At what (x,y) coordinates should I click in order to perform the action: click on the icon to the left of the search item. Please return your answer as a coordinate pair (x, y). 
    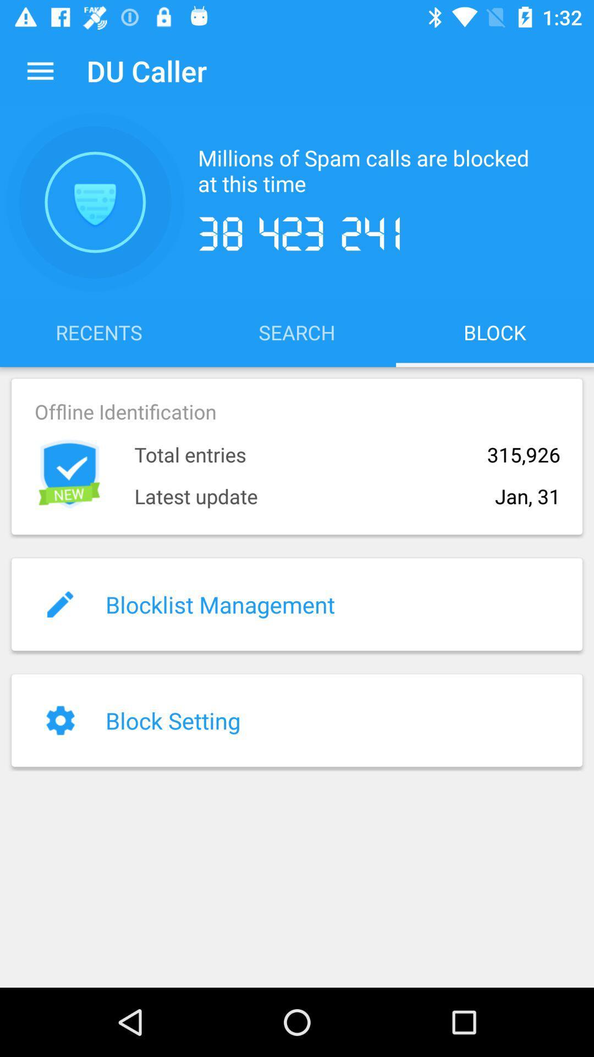
    Looking at the image, I should click on (99, 331).